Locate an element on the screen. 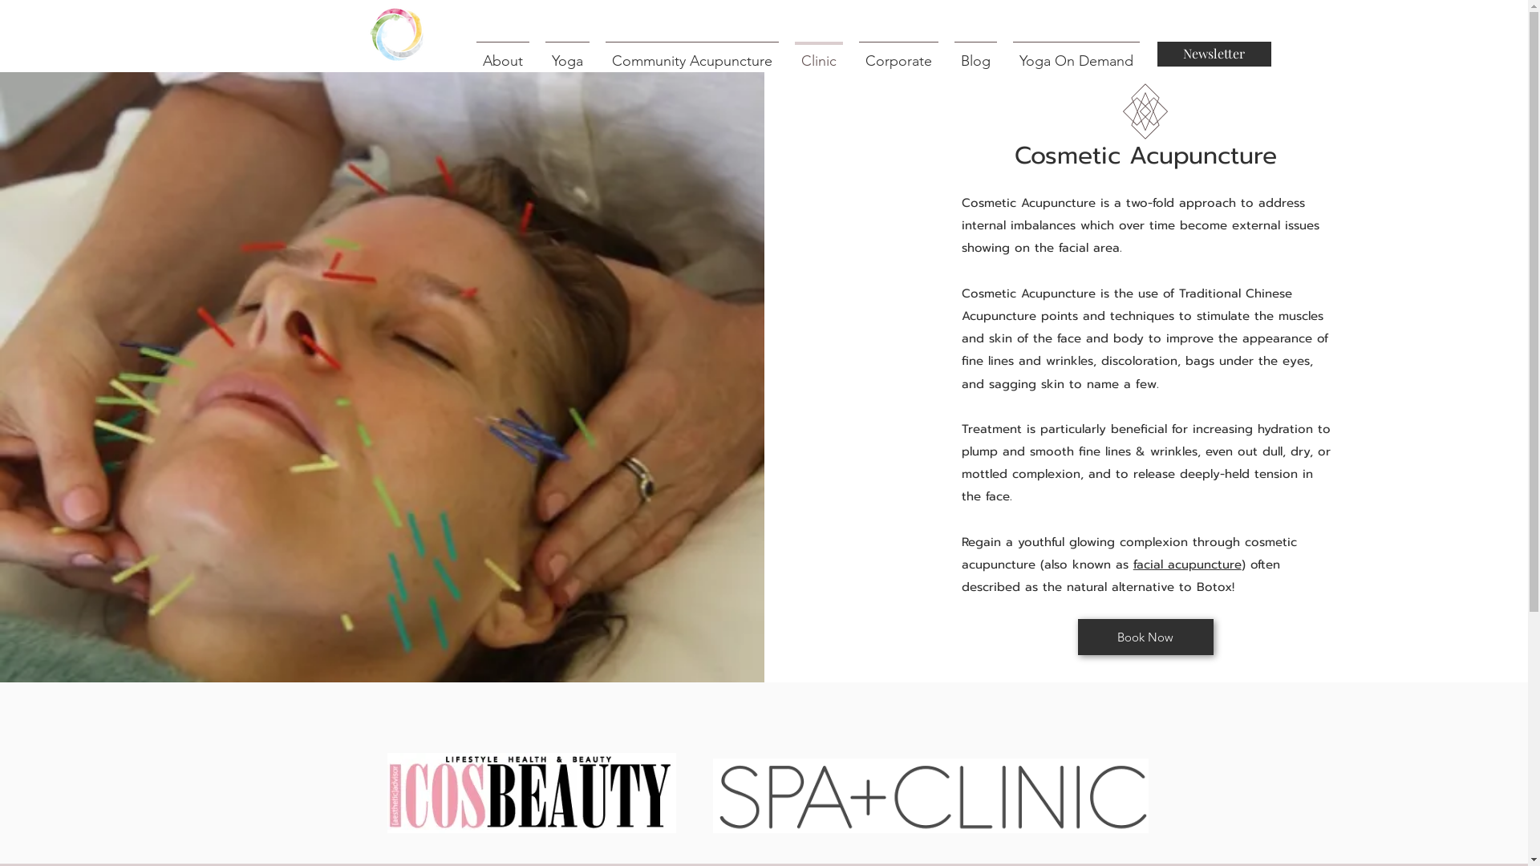 This screenshot has width=1540, height=866. 'Community Acupuncture' is located at coordinates (691, 53).